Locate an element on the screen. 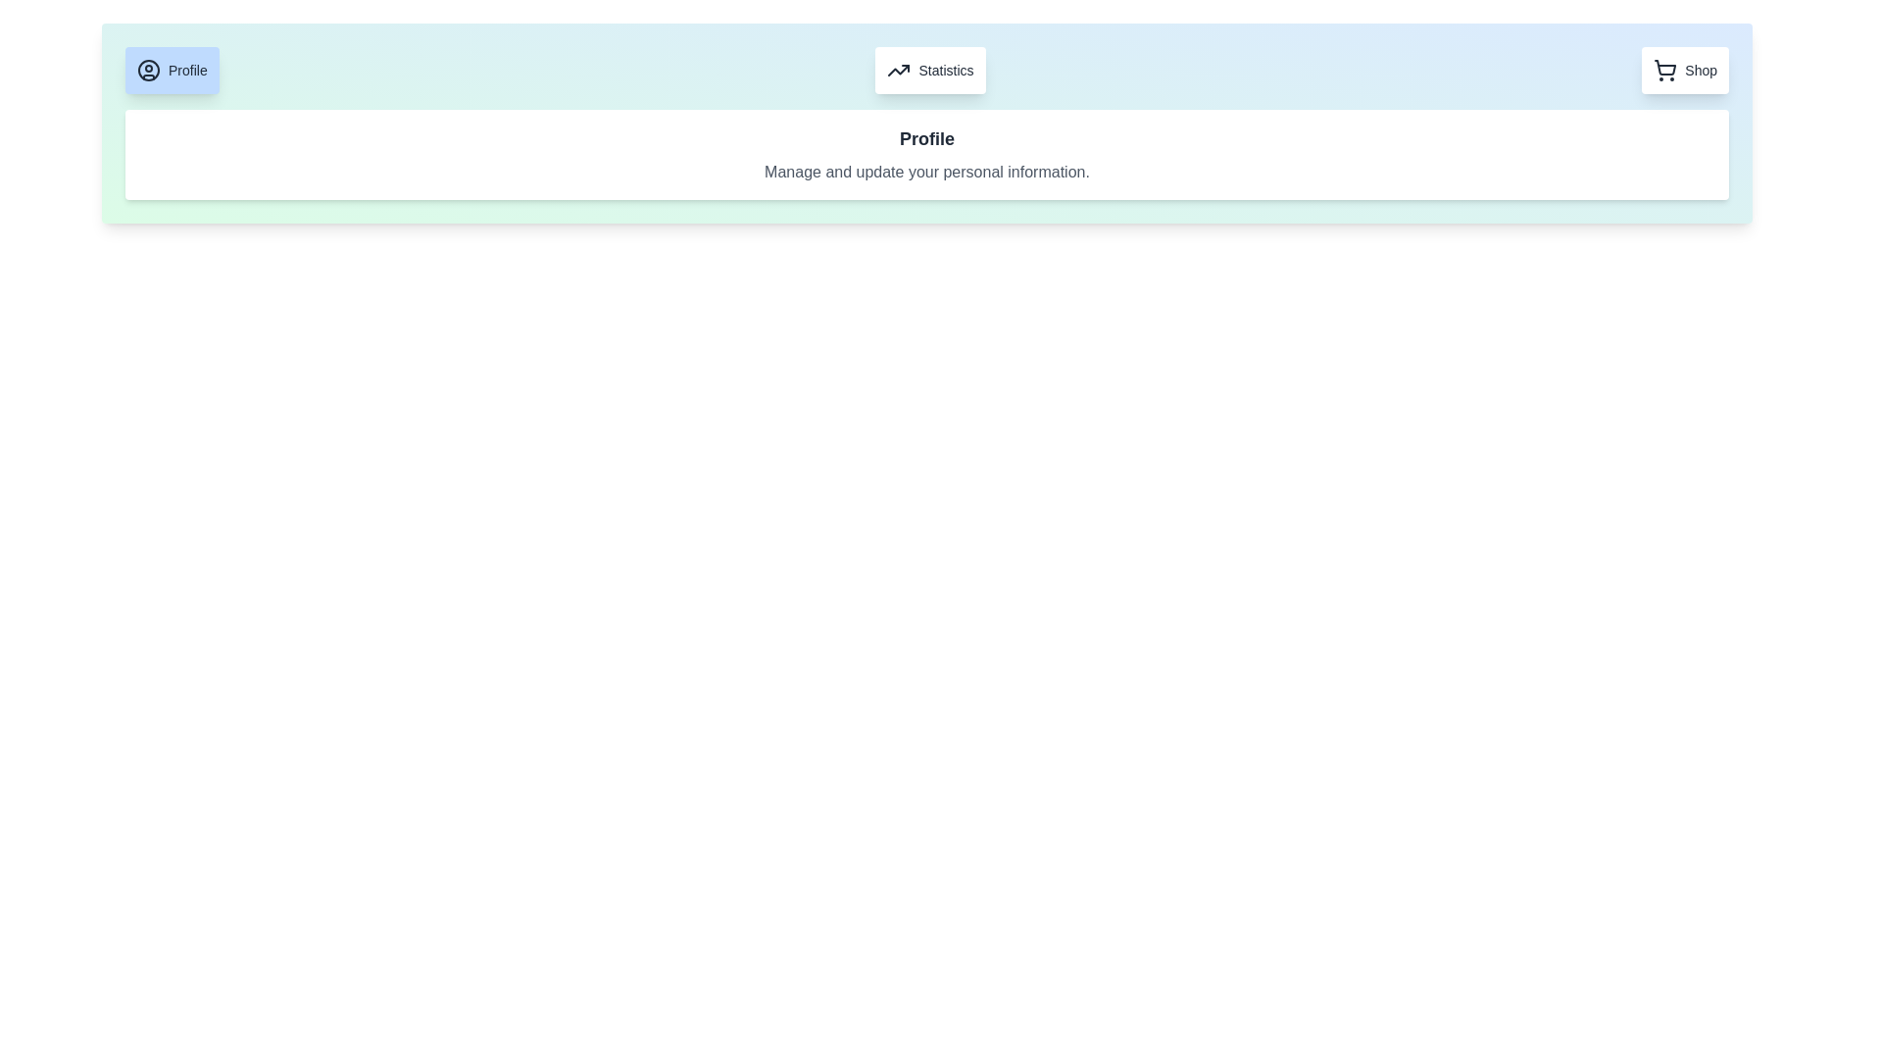 This screenshot has width=1882, height=1059. the 'Shop' label which indicates the purpose of the associated button for shopping functionality, located to the right of the shopping cart icon in the top-right corner of the interface is located at coordinates (1700, 70).